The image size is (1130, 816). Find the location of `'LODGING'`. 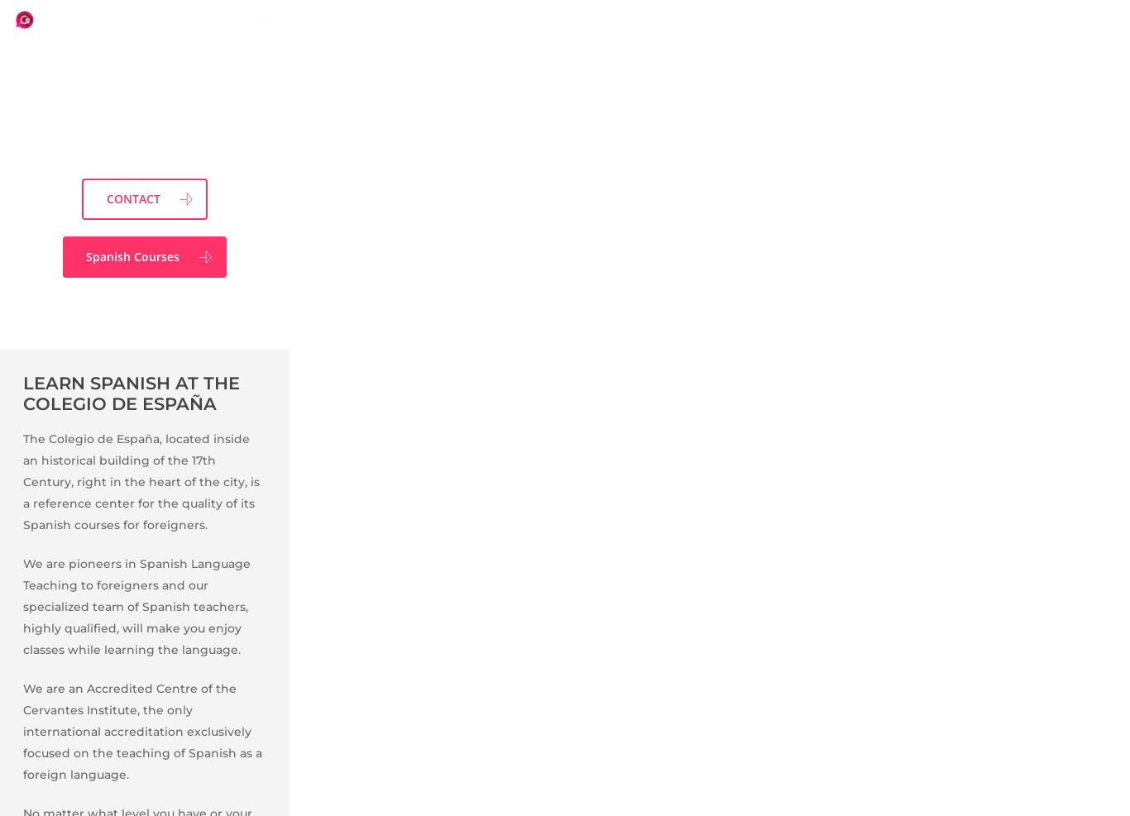

'LODGING' is located at coordinates (224, 733).